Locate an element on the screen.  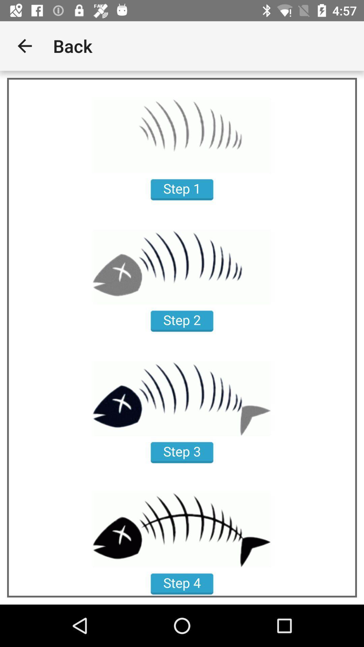
icon next to the back is located at coordinates (24, 45).